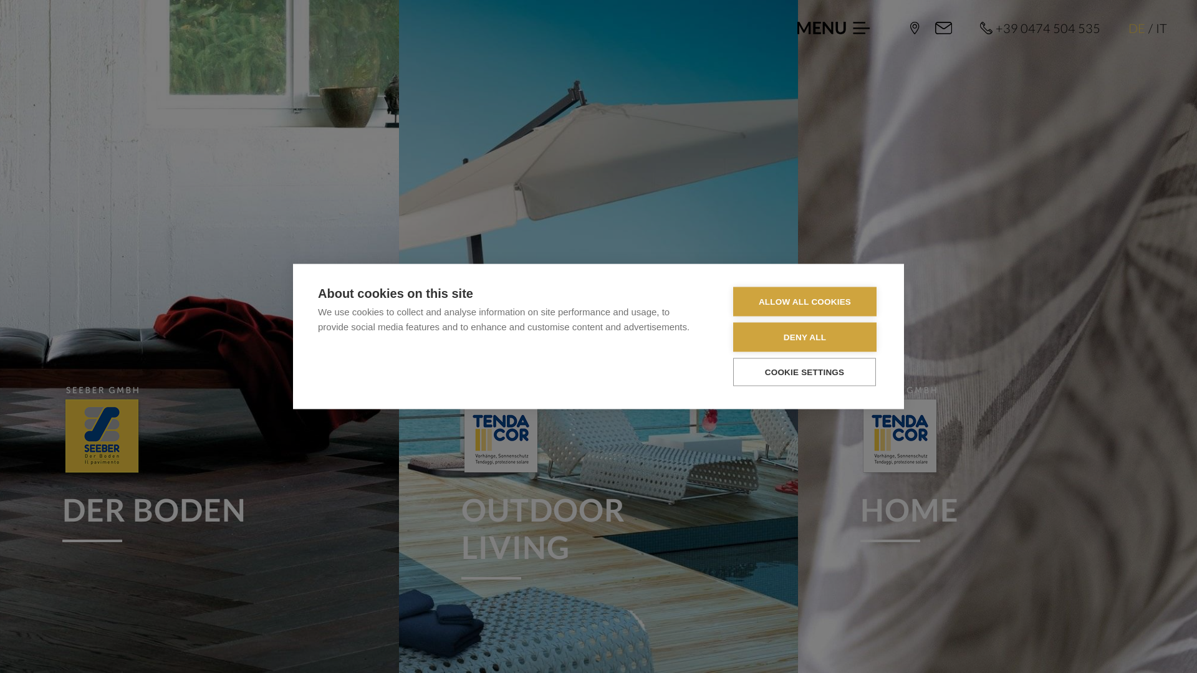  What do you see at coordinates (943, 28) in the screenshot?
I see `'info@seeber.bz'` at bounding box center [943, 28].